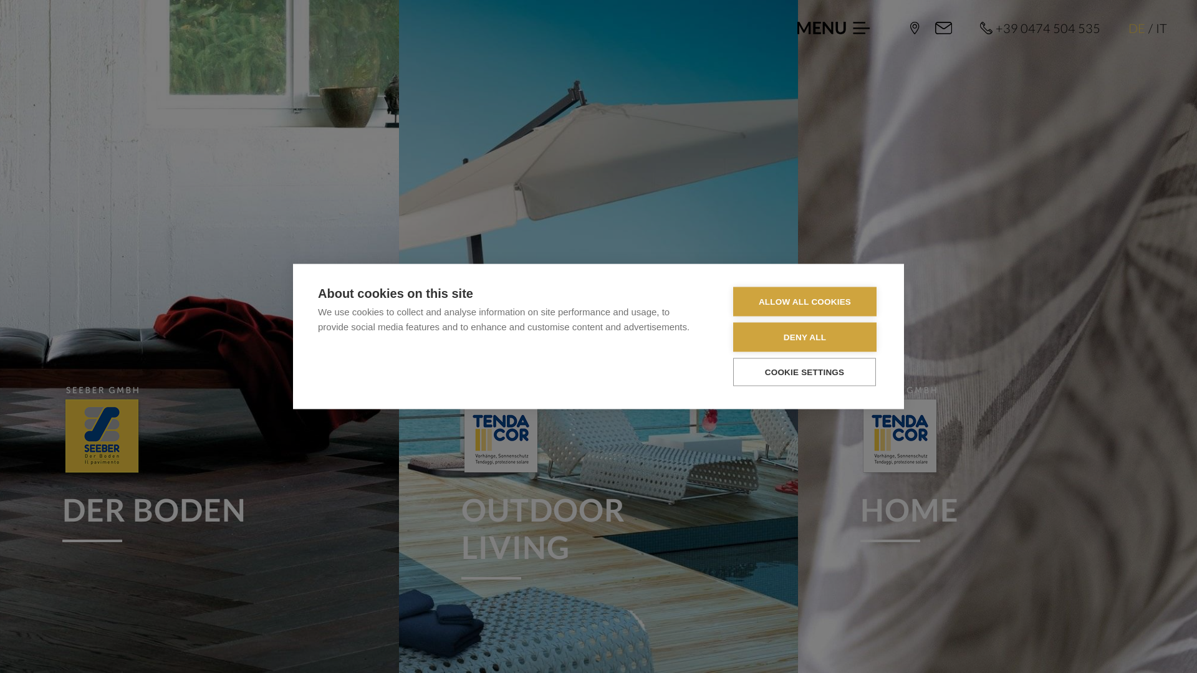  What do you see at coordinates (943, 28) in the screenshot?
I see `'info@seeber.bz'` at bounding box center [943, 28].